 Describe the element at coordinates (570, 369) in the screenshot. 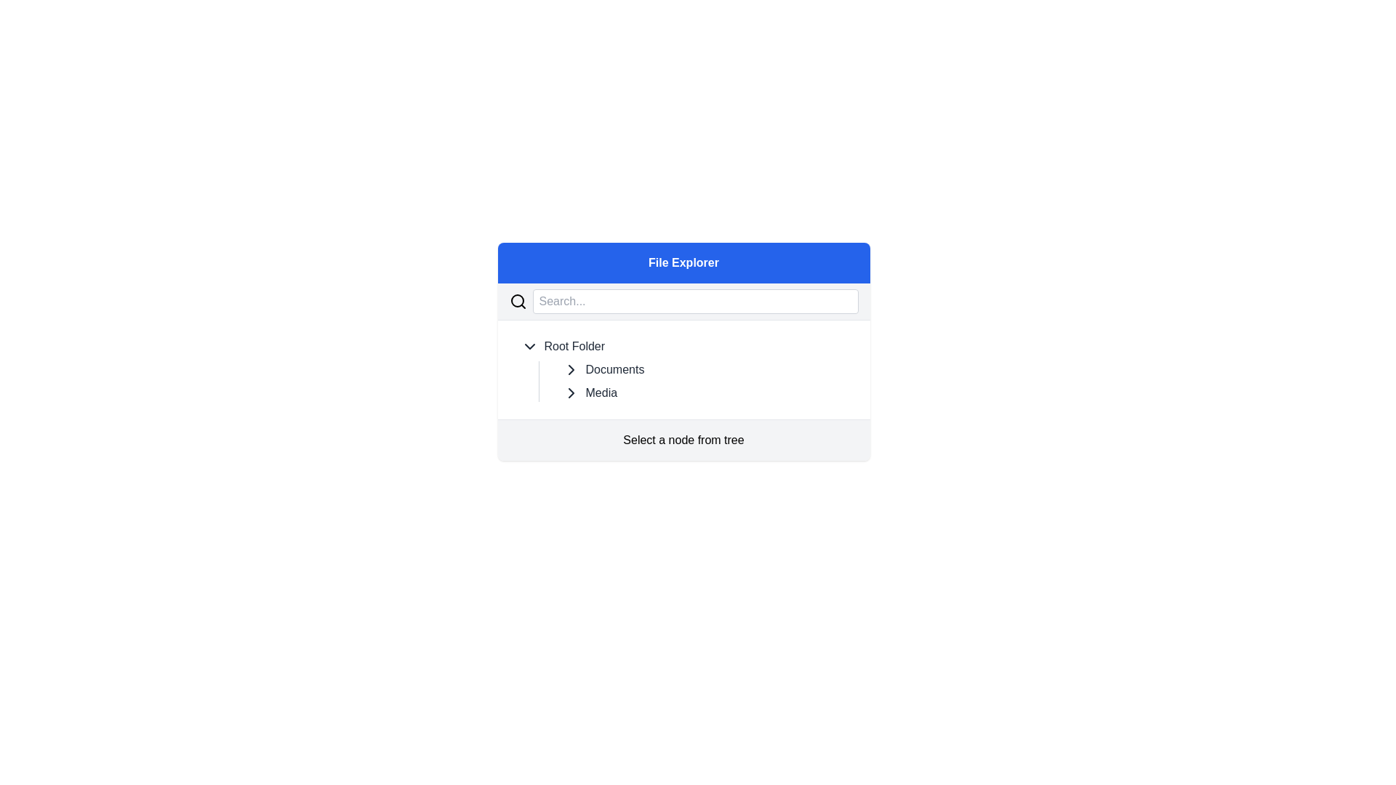

I see `the chevron icon` at that location.